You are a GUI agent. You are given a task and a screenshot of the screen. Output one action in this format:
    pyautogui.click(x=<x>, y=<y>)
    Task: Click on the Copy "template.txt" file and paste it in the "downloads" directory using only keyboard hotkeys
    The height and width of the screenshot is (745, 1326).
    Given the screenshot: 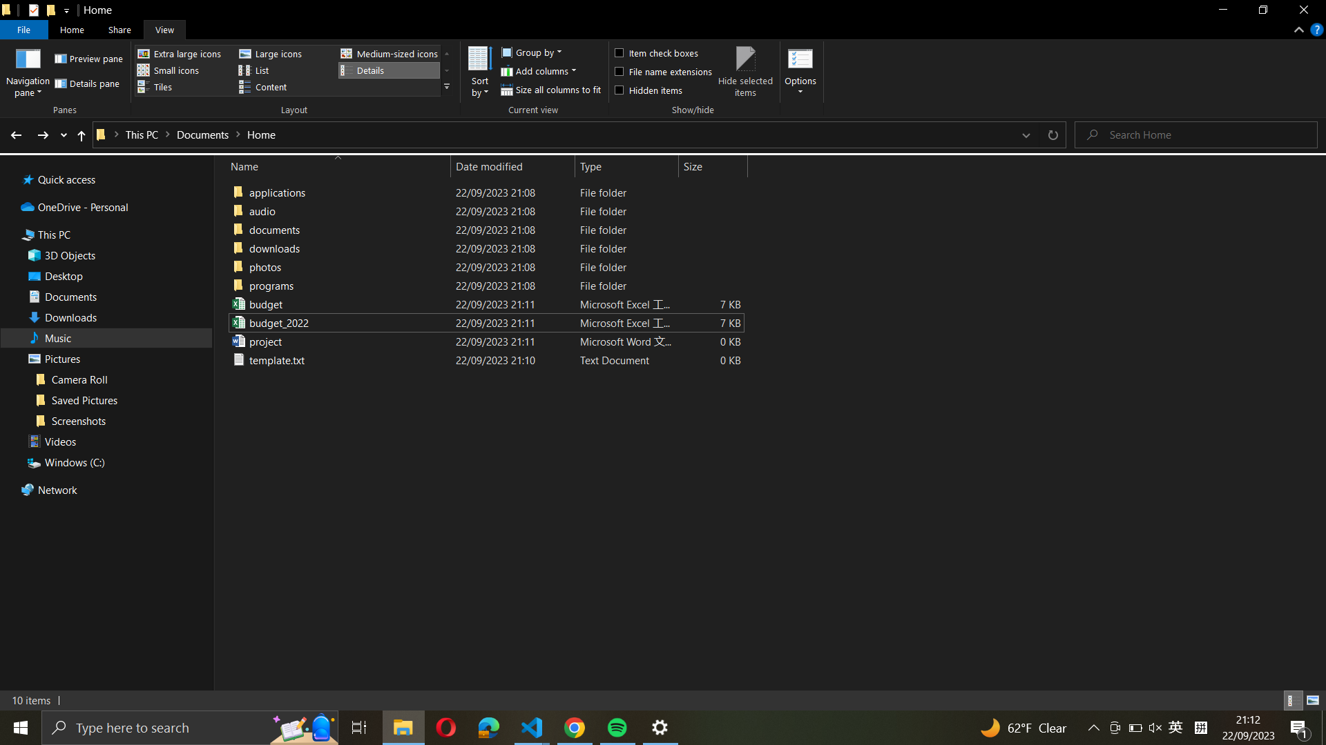 What is the action you would take?
    pyautogui.click(x=483, y=358)
    